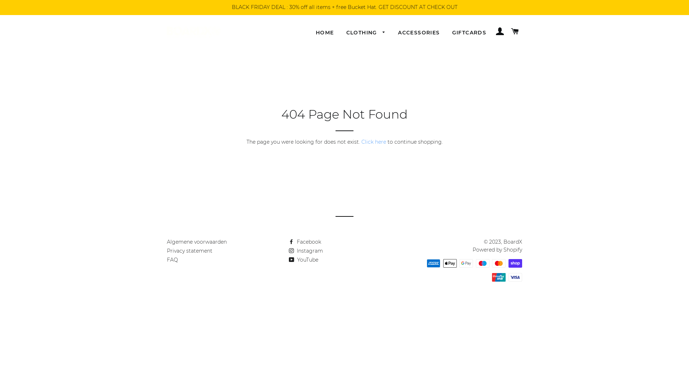 This screenshot has width=689, height=387. I want to click on 'Algemene voorwaarden', so click(197, 242).